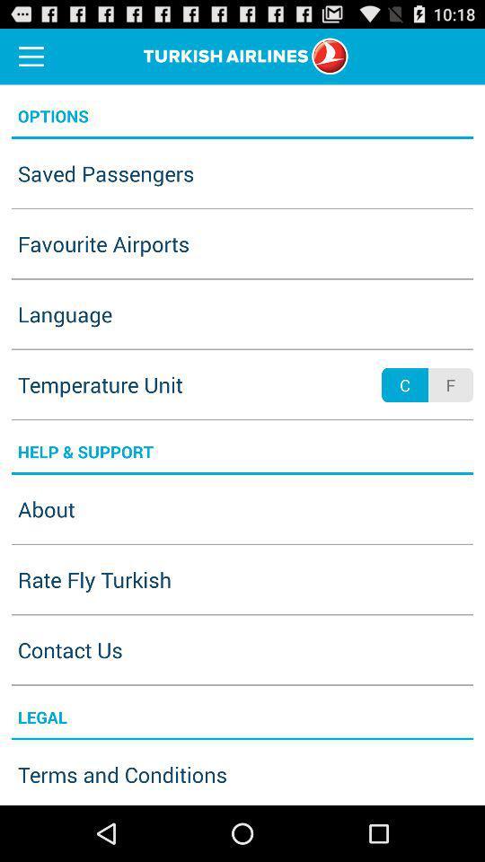  What do you see at coordinates (405, 385) in the screenshot?
I see `c` at bounding box center [405, 385].